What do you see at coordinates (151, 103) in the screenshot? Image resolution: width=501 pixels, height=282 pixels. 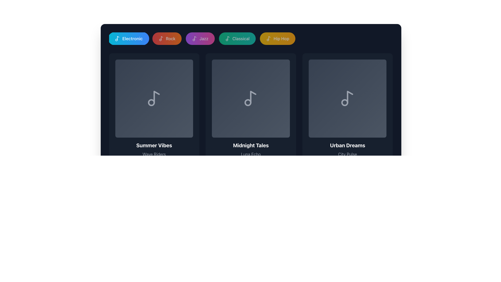 I see `the circular SVG element located at the bottom-left of the music note icon, which is styled in gray against a darker background` at bounding box center [151, 103].